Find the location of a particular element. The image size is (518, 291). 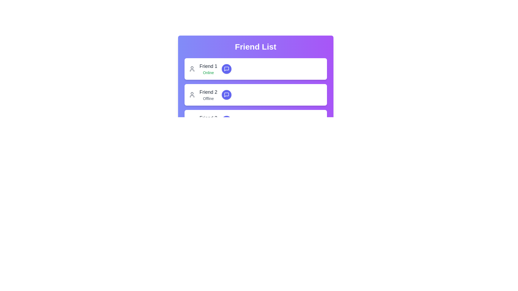

the first card in the 'Friend List' that displays a friend's name and status ('Online') is located at coordinates (255, 68).